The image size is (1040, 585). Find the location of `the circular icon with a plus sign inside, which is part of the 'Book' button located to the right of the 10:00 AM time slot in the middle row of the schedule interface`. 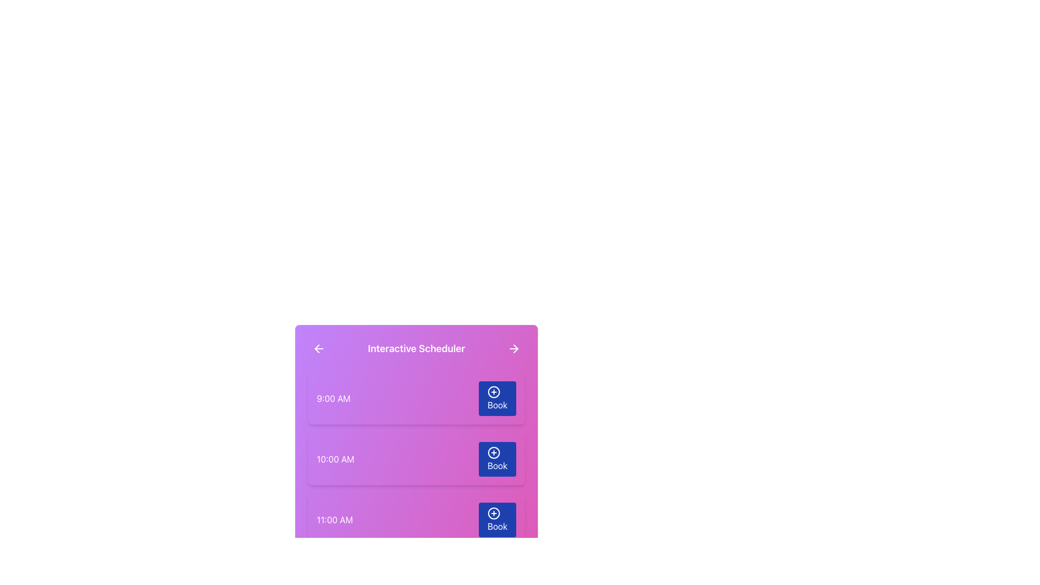

the circular icon with a plus sign inside, which is part of the 'Book' button located to the right of the 10:00 AM time slot in the middle row of the schedule interface is located at coordinates (493, 453).